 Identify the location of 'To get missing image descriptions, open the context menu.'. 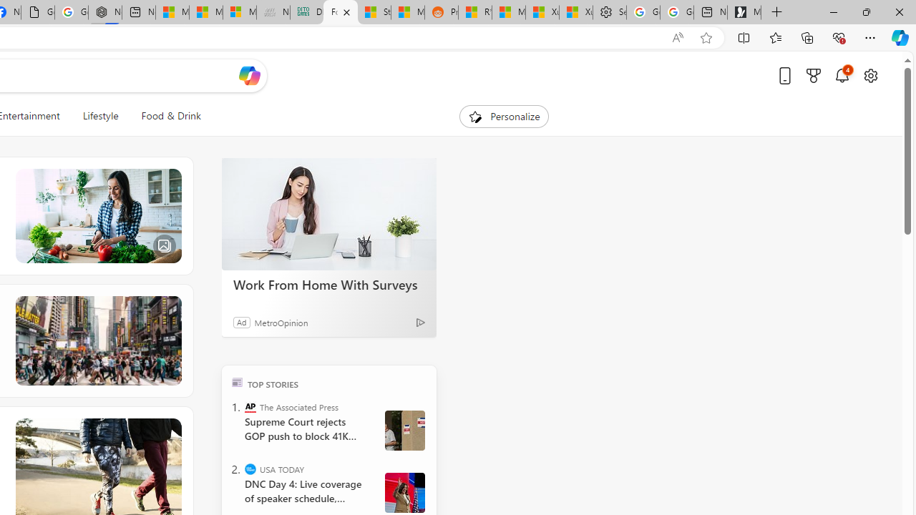
(475, 115).